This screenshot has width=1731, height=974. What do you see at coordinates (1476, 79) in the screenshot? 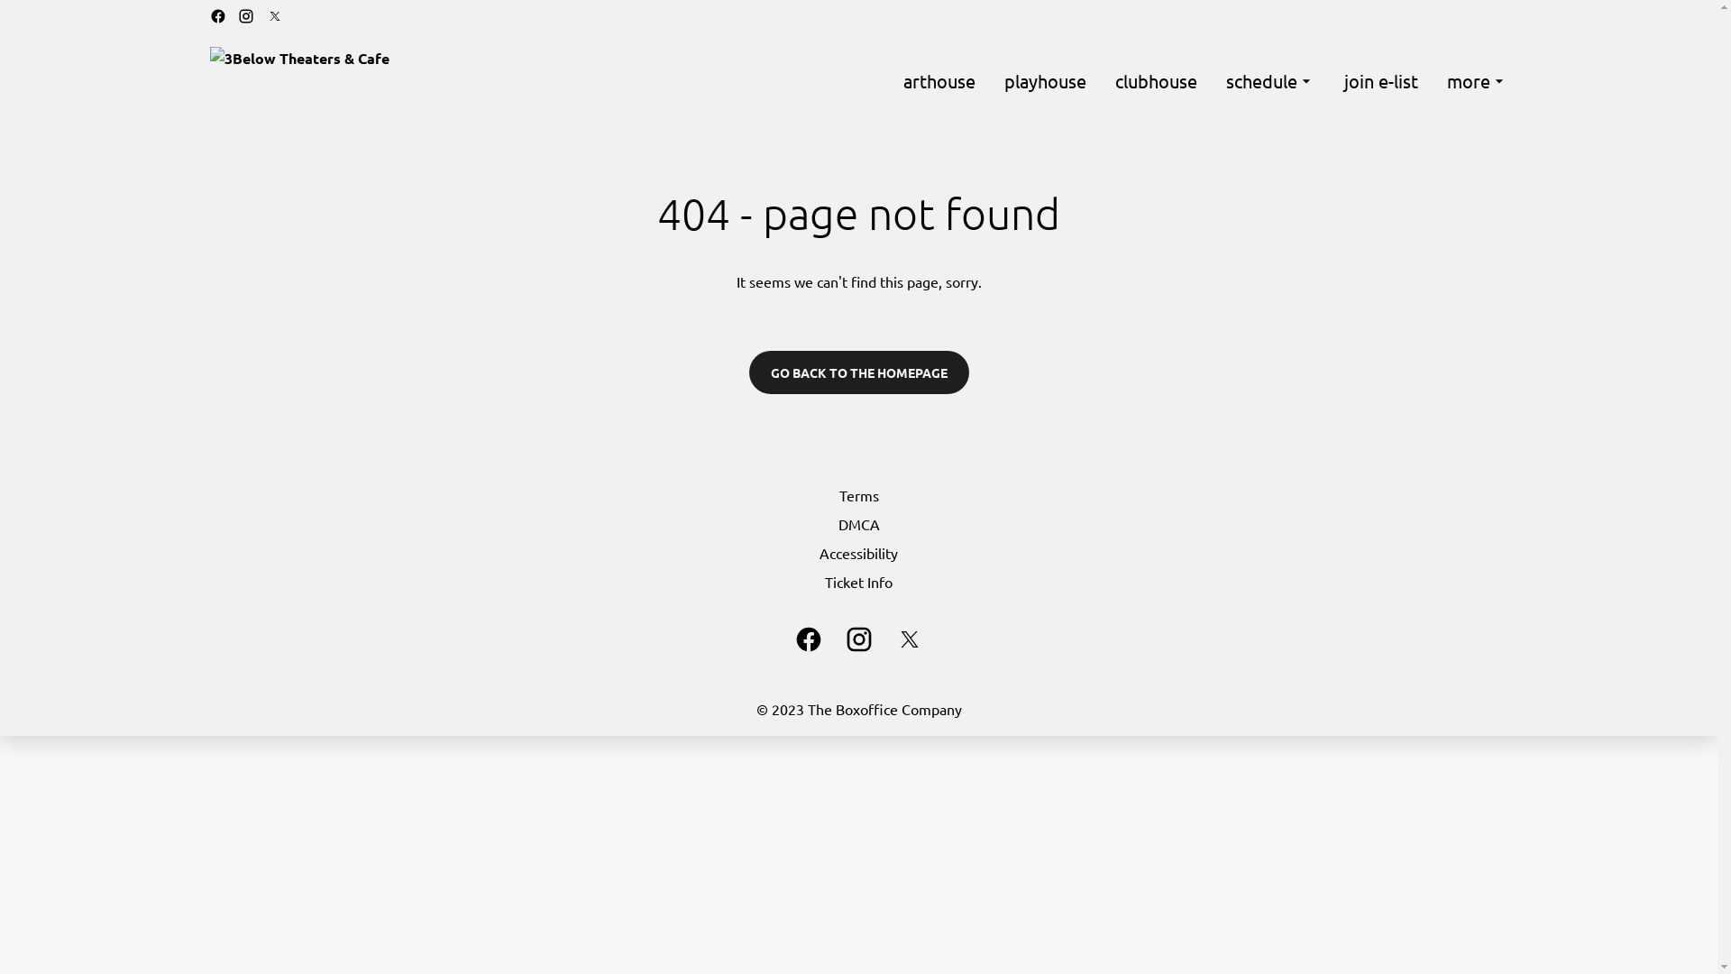
I see `'more'` at bounding box center [1476, 79].